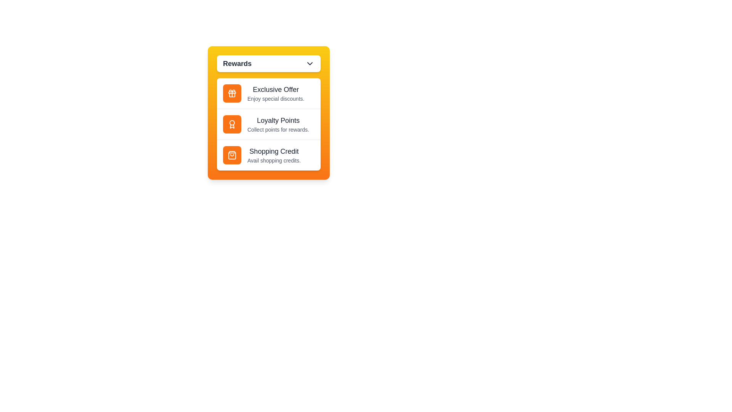 This screenshot has height=412, width=732. What do you see at coordinates (274, 160) in the screenshot?
I see `text snippet 'Avail shopping credits.' located within the yellow-orange bordered information card in the rewards section, directly below the 'Shopping Credit' title` at bounding box center [274, 160].